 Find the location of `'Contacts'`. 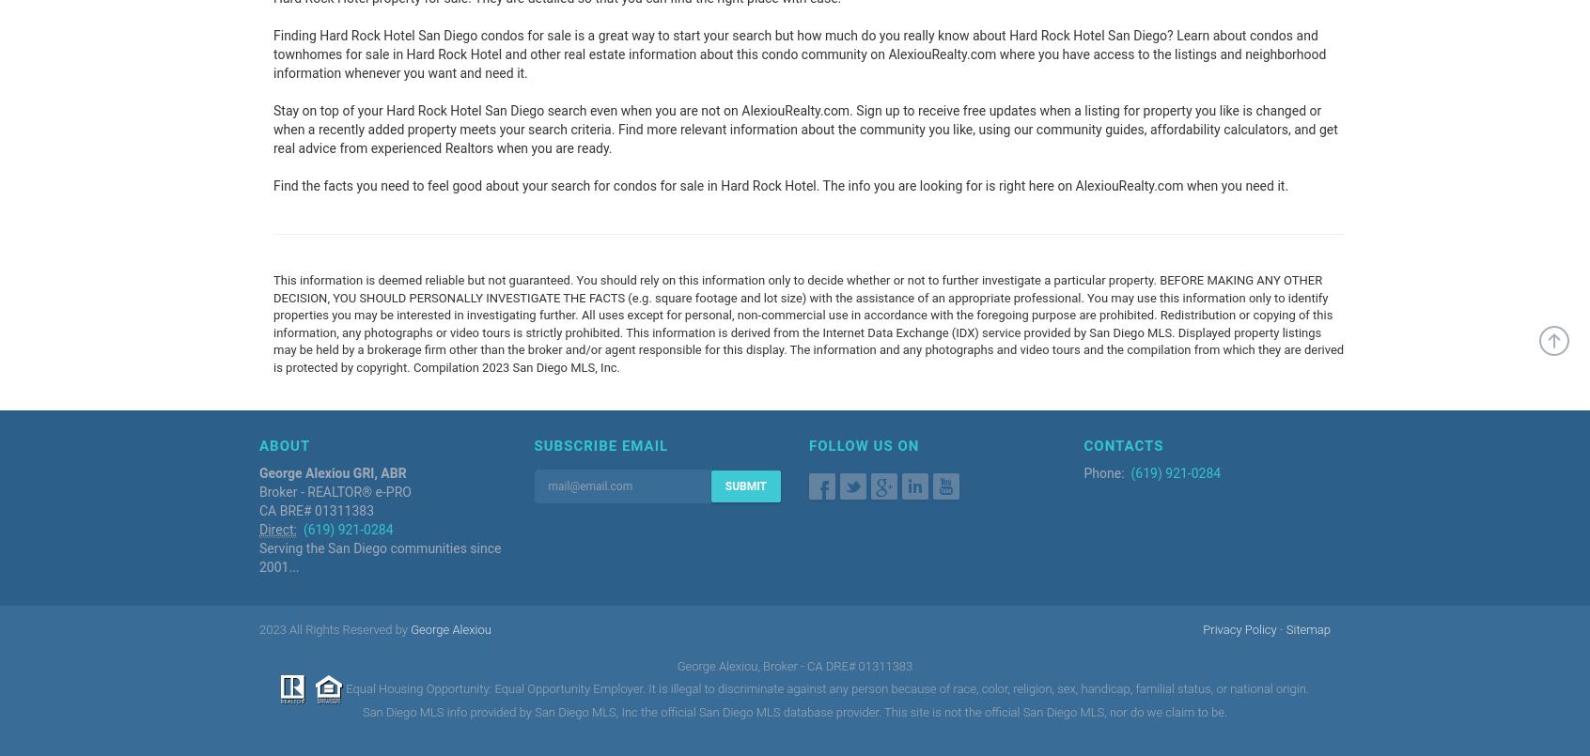

'Contacts' is located at coordinates (1122, 444).